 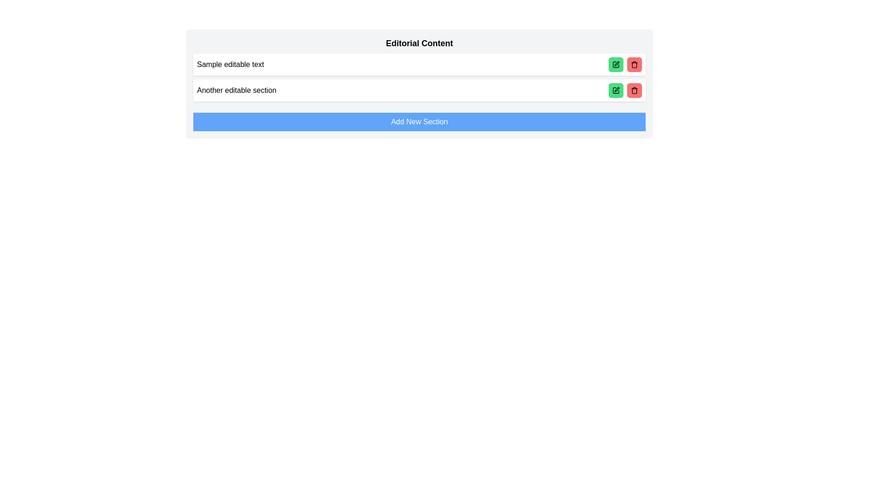 What do you see at coordinates (634, 65) in the screenshot?
I see `the trash can icon within the SVG graphic, located to the right of the 'Another editable section' text field under the title 'Editorial Content'` at bounding box center [634, 65].